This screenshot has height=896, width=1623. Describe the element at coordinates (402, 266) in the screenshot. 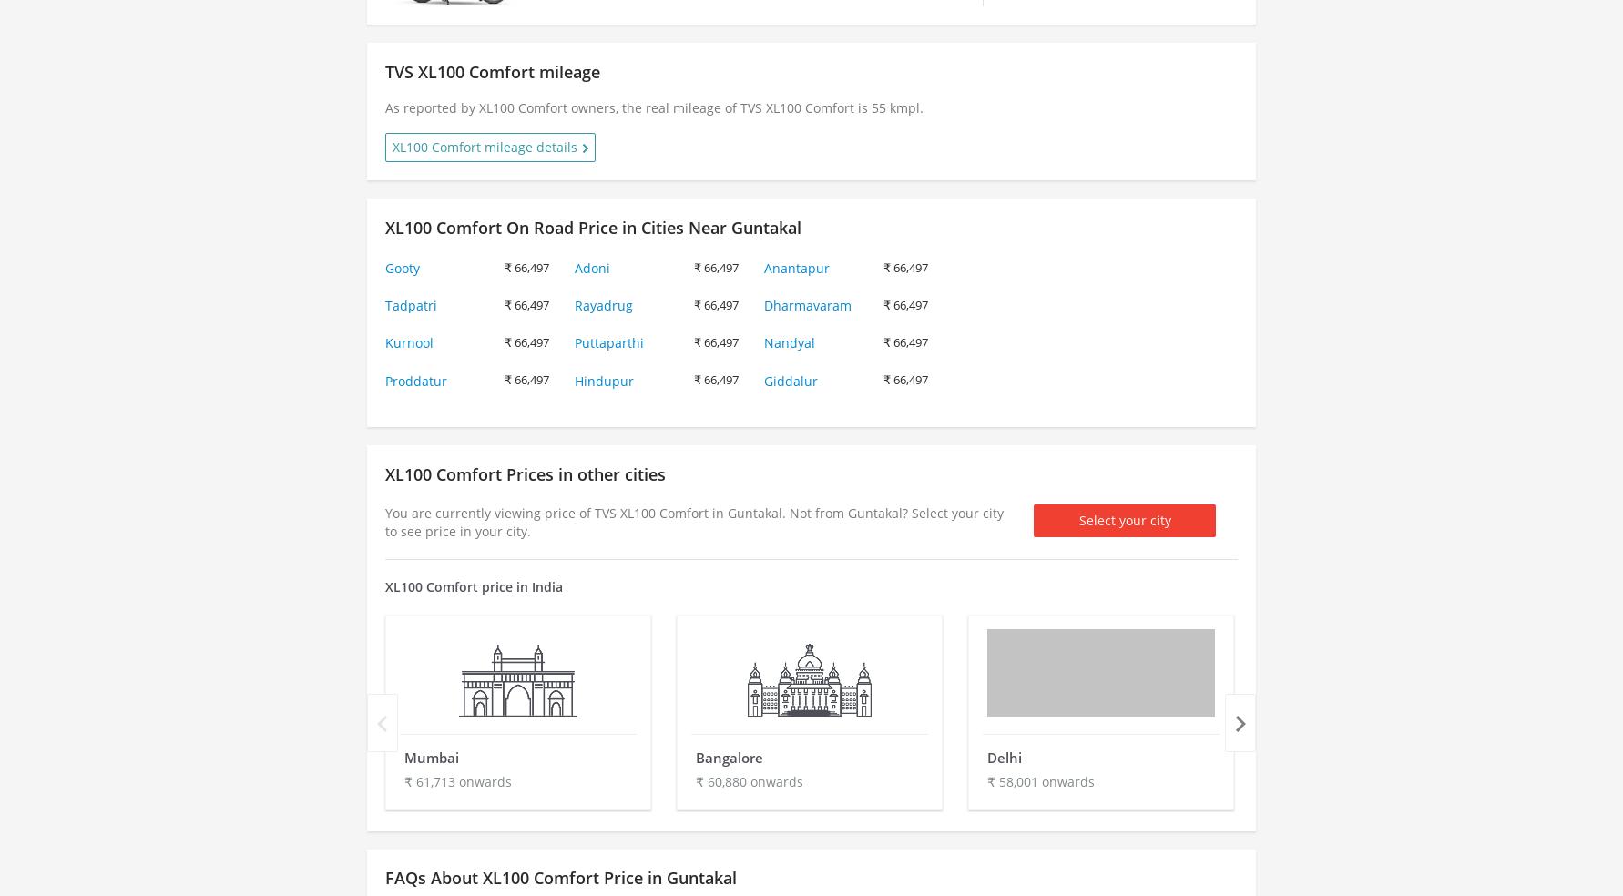

I see `'Gooty'` at that location.